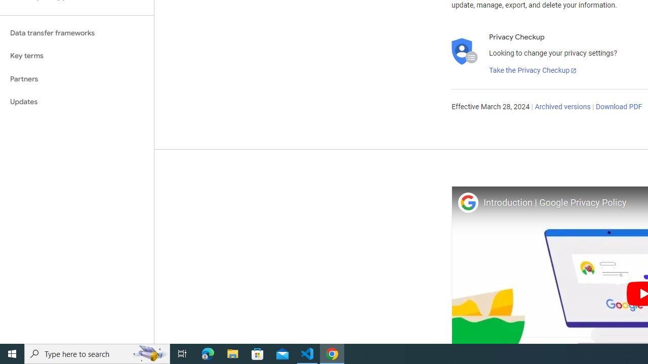 This screenshot has height=364, width=648. Describe the element at coordinates (76, 56) in the screenshot. I see `'Key terms'` at that location.